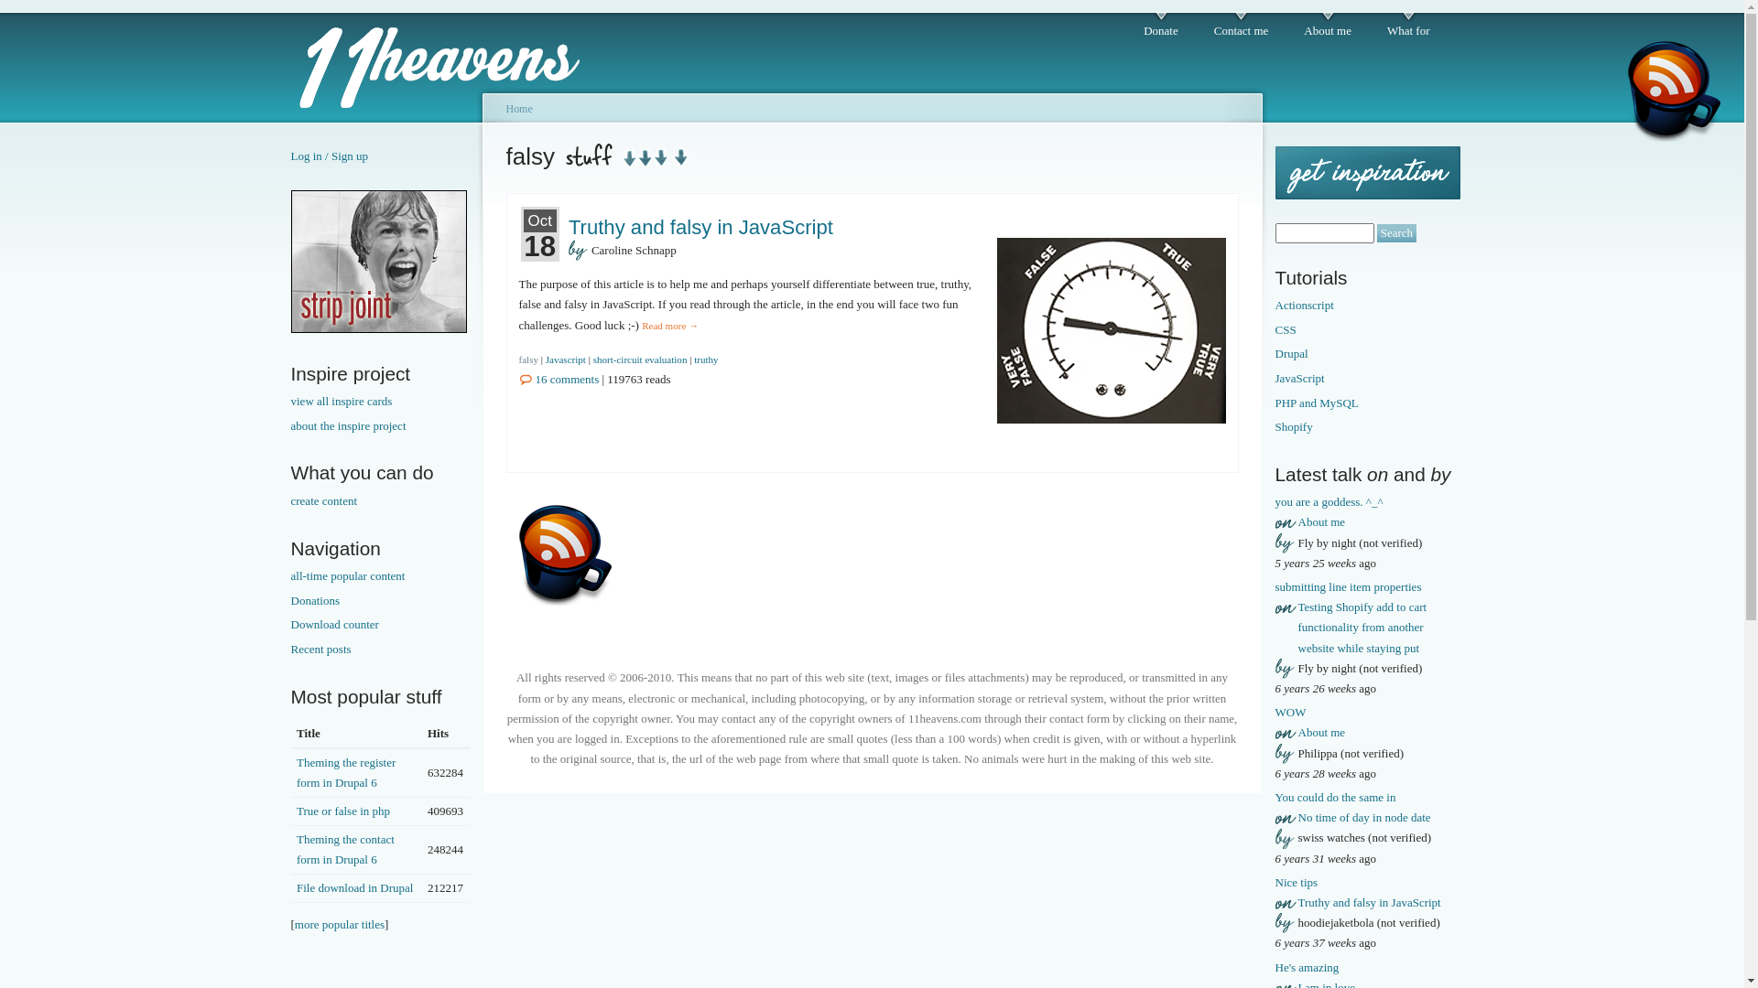  What do you see at coordinates (1366, 173) in the screenshot?
I see `'Get some inspiration'` at bounding box center [1366, 173].